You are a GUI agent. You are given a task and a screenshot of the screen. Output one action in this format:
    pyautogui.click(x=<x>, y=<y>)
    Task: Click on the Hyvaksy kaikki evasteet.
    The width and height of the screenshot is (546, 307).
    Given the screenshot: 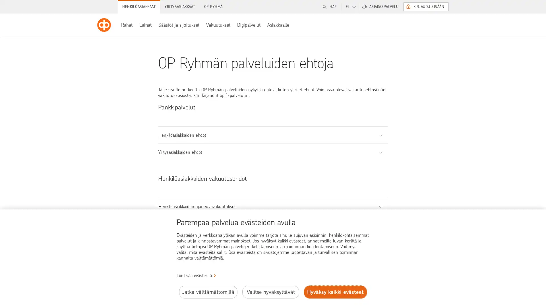 What is the action you would take?
    pyautogui.click(x=335, y=292)
    